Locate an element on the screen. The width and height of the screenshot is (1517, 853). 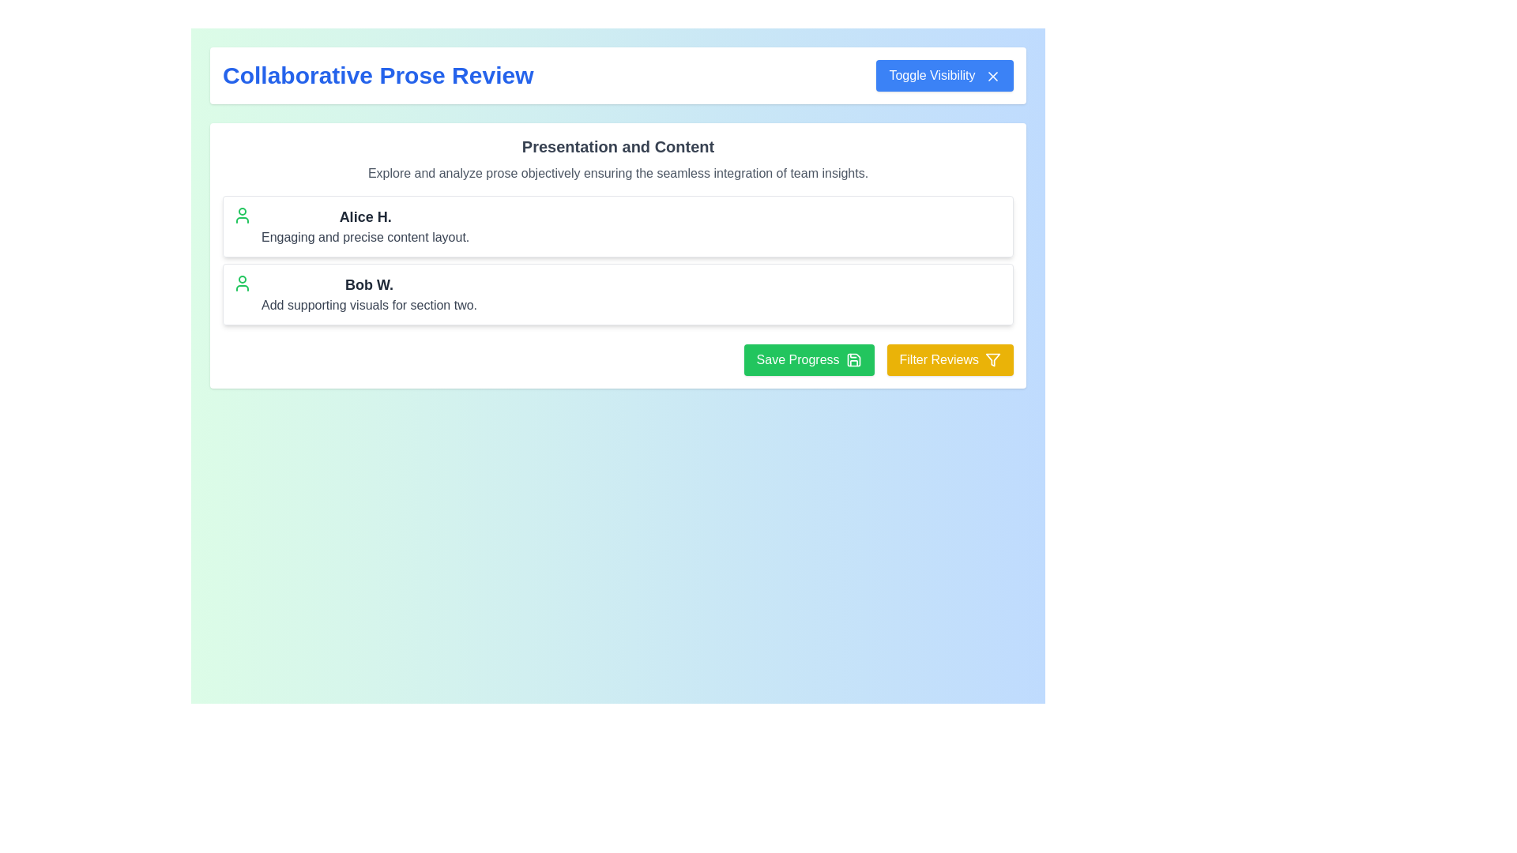
the save button located in the lower-right section of the main content area, directly to the left of the 'Filter Reviews' button is located at coordinates (809, 359).